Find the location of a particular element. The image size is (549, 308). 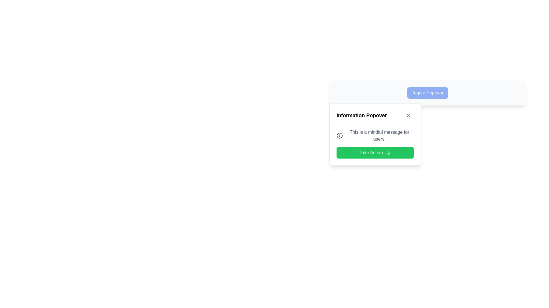

the green 'Take Action' button containing the icon, which is located at the rightmost position adjacent to the button text is located at coordinates (388, 153).